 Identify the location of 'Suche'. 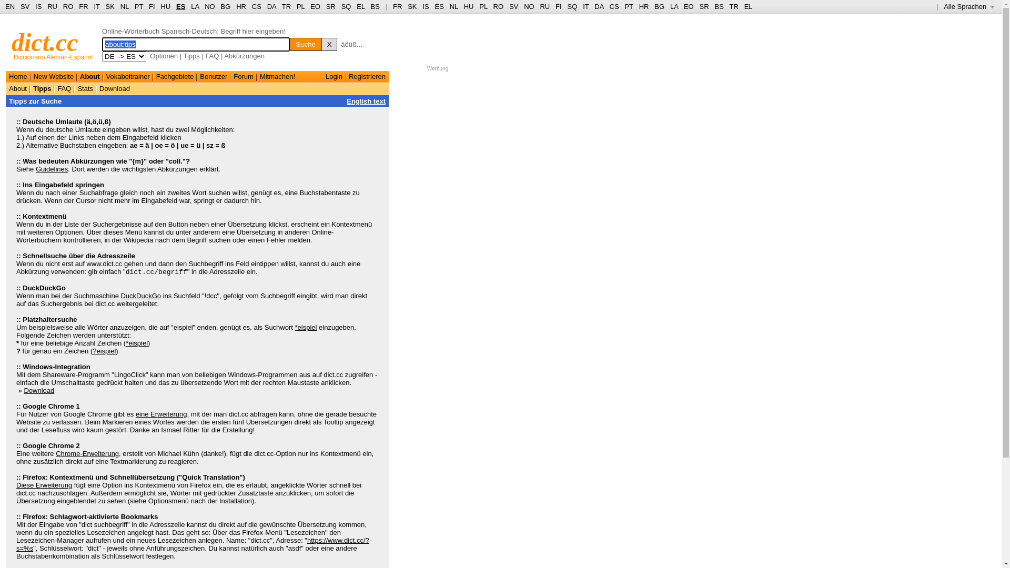
(305, 44).